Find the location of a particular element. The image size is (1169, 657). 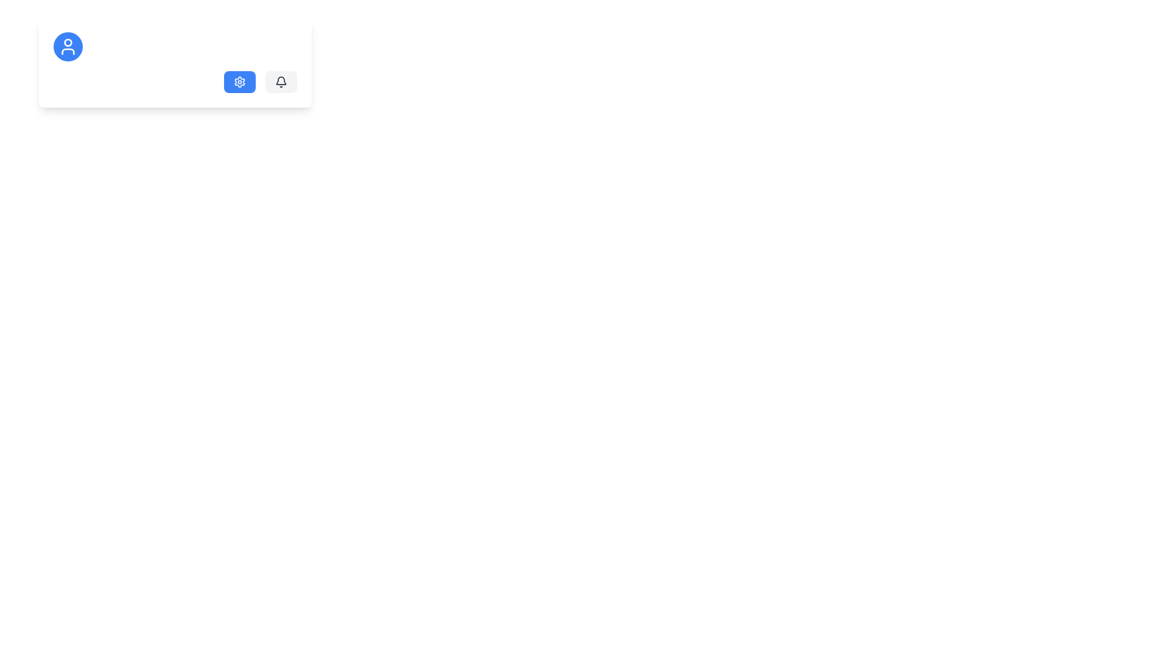

the blue rectangular button with rounded corners containing a white gear icon is located at coordinates (239, 82).